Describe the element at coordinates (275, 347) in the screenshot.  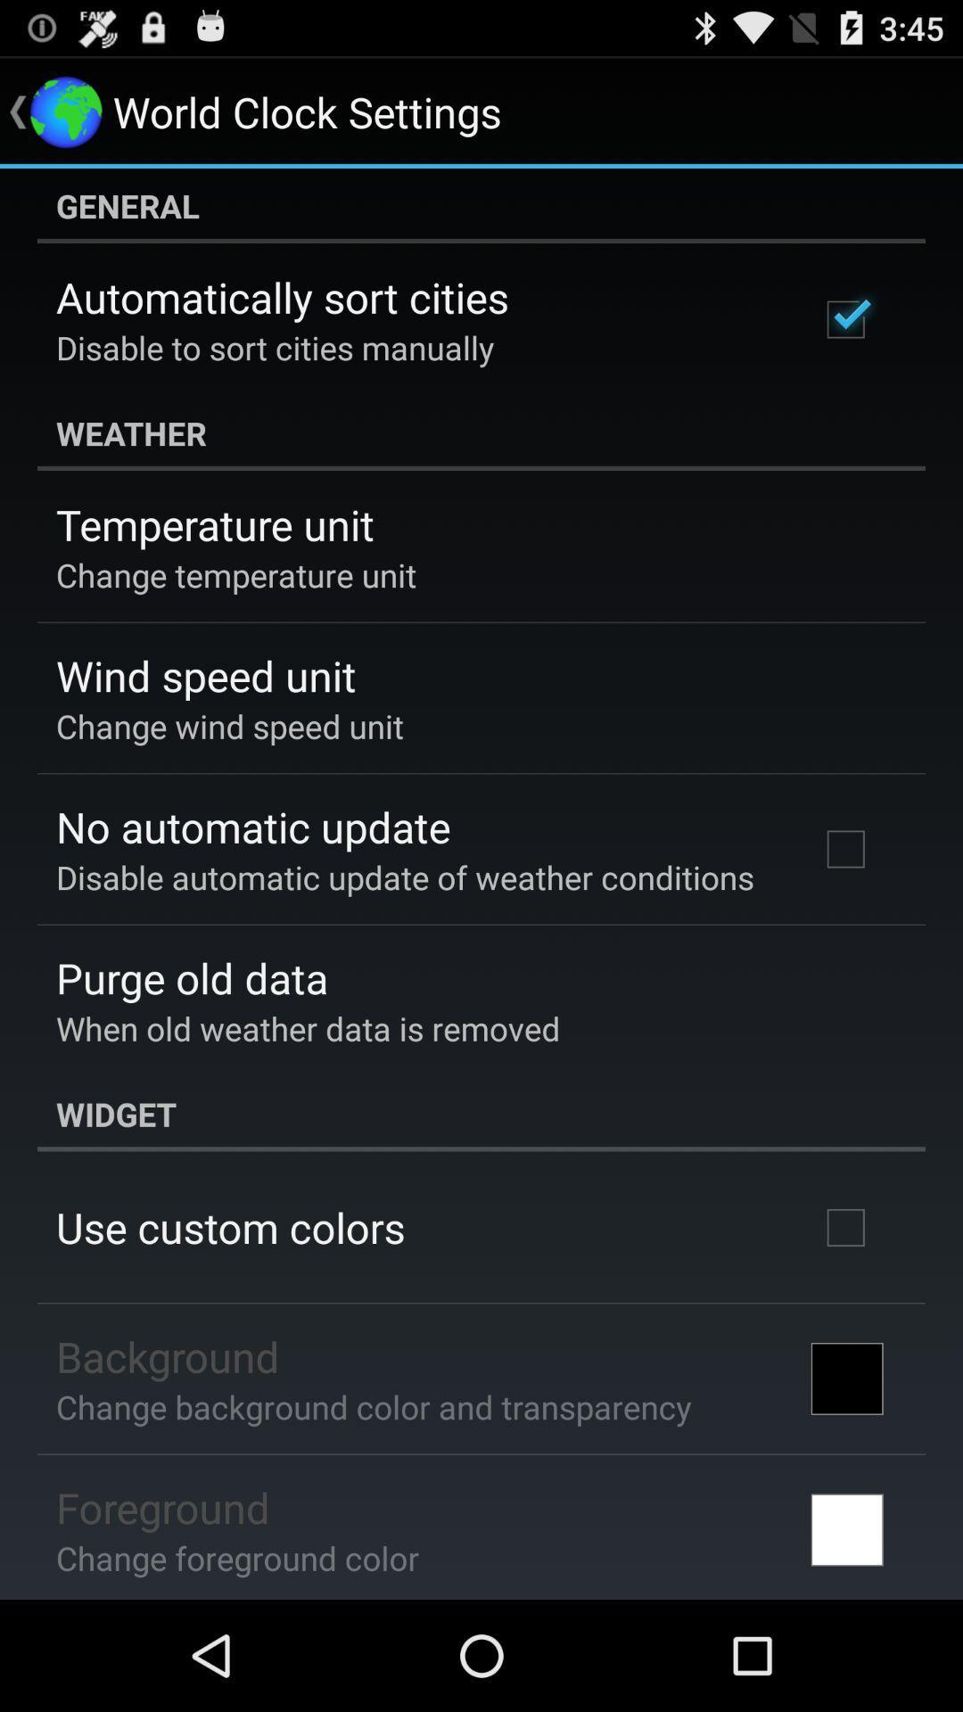
I see `item below automatically sort cities app` at that location.